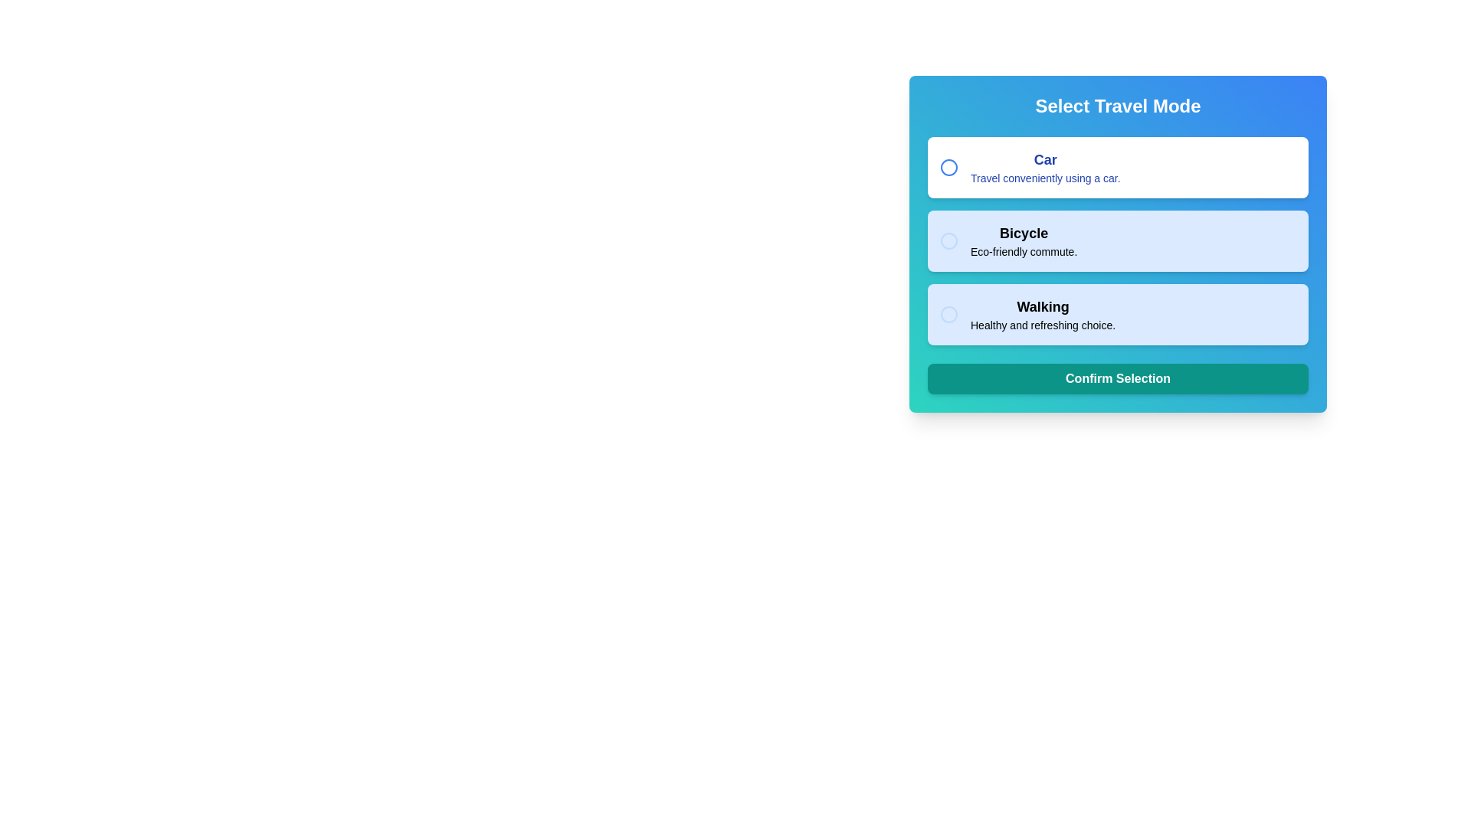 The height and width of the screenshot is (827, 1471). What do you see at coordinates (1118, 378) in the screenshot?
I see `the teal-colored 'Confirm Selection' button with white bold text located at the bottom center of the travel options box to confirm the selection` at bounding box center [1118, 378].